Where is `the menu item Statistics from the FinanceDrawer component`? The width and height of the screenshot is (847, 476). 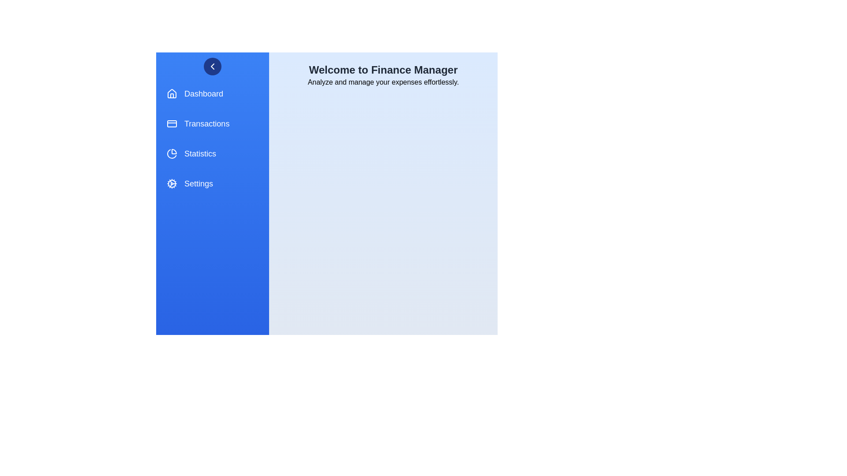
the menu item Statistics from the FinanceDrawer component is located at coordinates (212, 153).